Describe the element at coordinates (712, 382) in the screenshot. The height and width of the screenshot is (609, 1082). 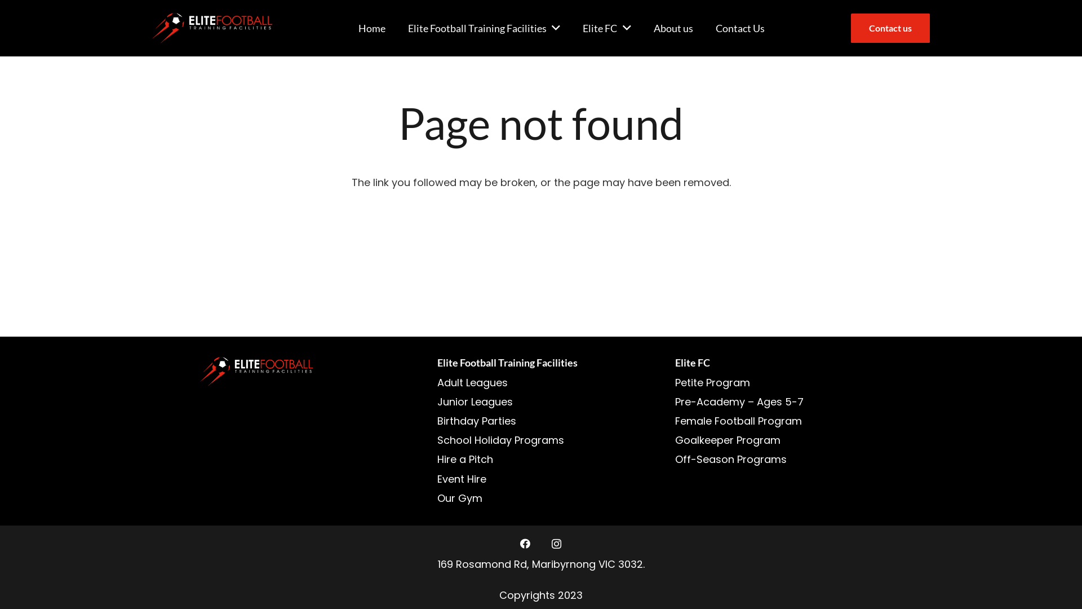
I see `'Petite Program'` at that location.